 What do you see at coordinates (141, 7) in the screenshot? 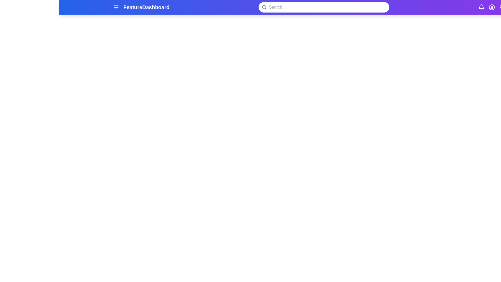
I see `the 'FeatureDashboard' text in the header bar` at bounding box center [141, 7].